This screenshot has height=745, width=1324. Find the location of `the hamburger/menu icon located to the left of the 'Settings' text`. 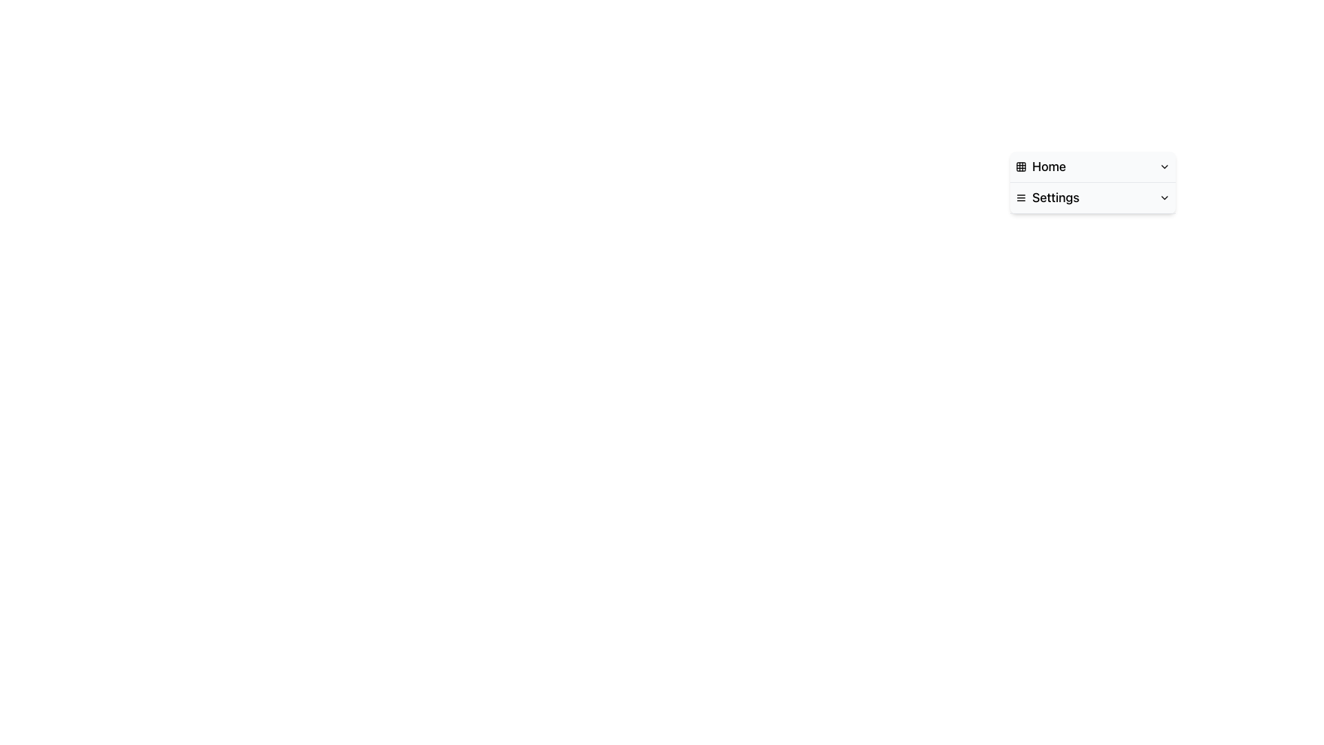

the hamburger/menu icon located to the left of the 'Settings' text is located at coordinates (1021, 197).